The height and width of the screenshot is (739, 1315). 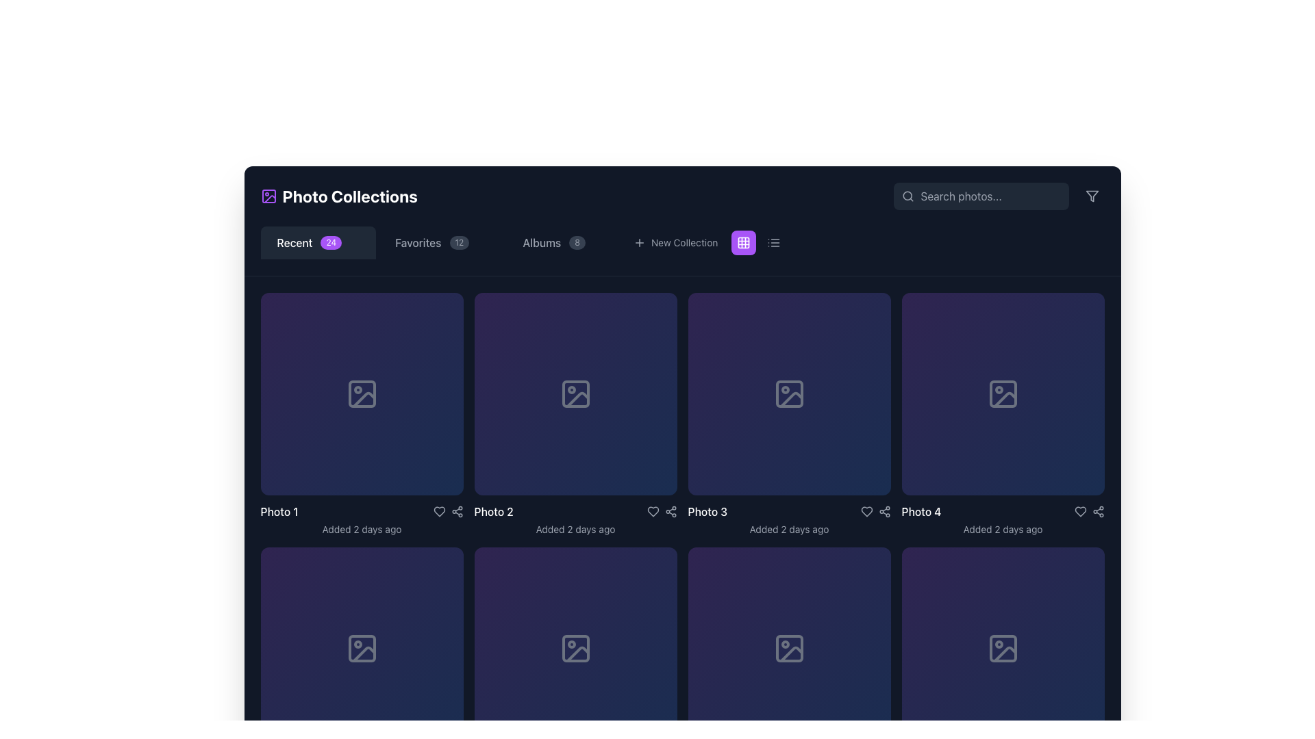 What do you see at coordinates (362, 648) in the screenshot?
I see `the icon resembling a downward-pointing arrow within a square to initiate a download` at bounding box center [362, 648].